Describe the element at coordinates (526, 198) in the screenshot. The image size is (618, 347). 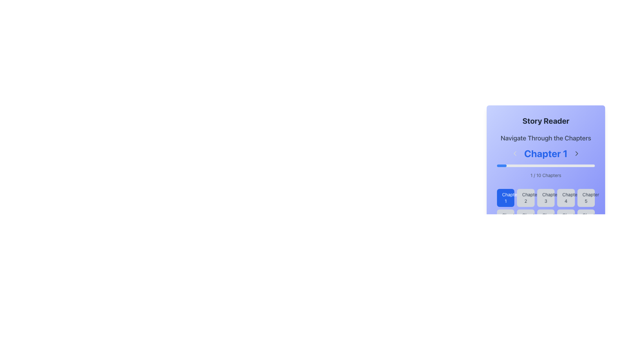
I see `the button that navigates to Chapter 2 to observe the hover effect` at that location.